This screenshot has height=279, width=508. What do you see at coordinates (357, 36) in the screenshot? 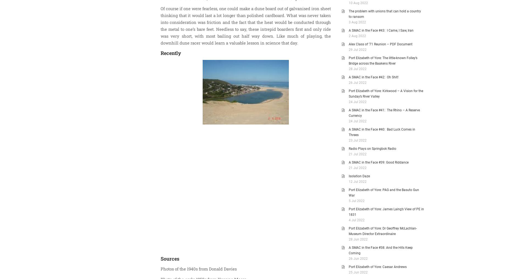
I see `'2 Aug 2022'` at bounding box center [357, 36].